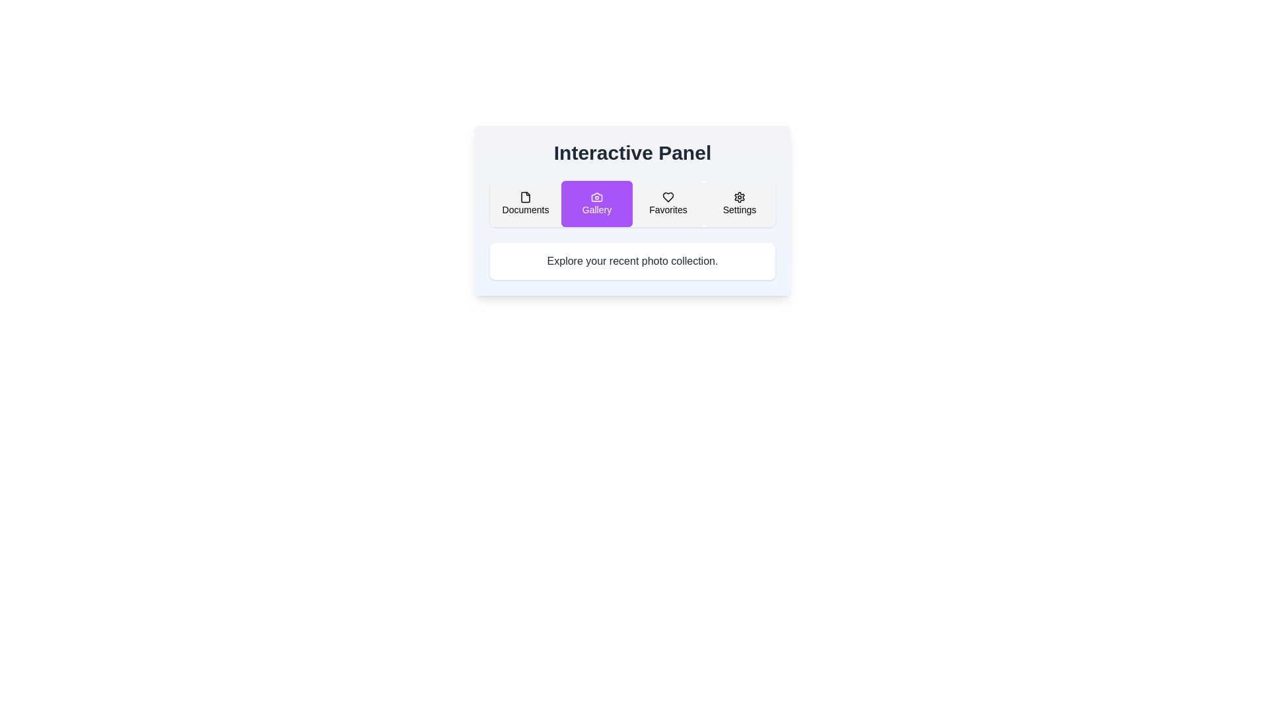  Describe the element at coordinates (525, 203) in the screenshot. I see `the 'Documents' navigation button to observe a background color change` at that location.